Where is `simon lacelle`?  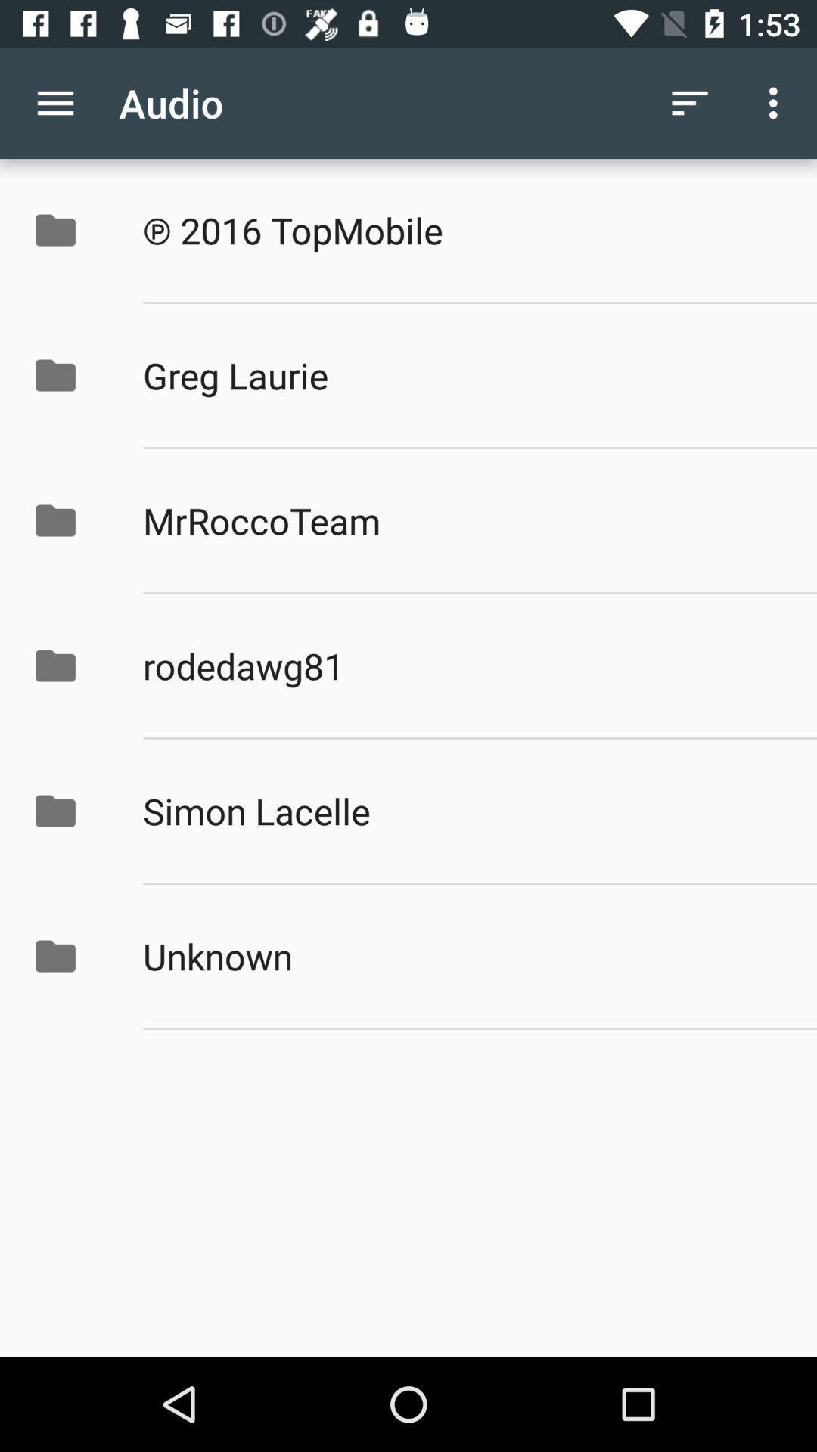 simon lacelle is located at coordinates (463, 810).